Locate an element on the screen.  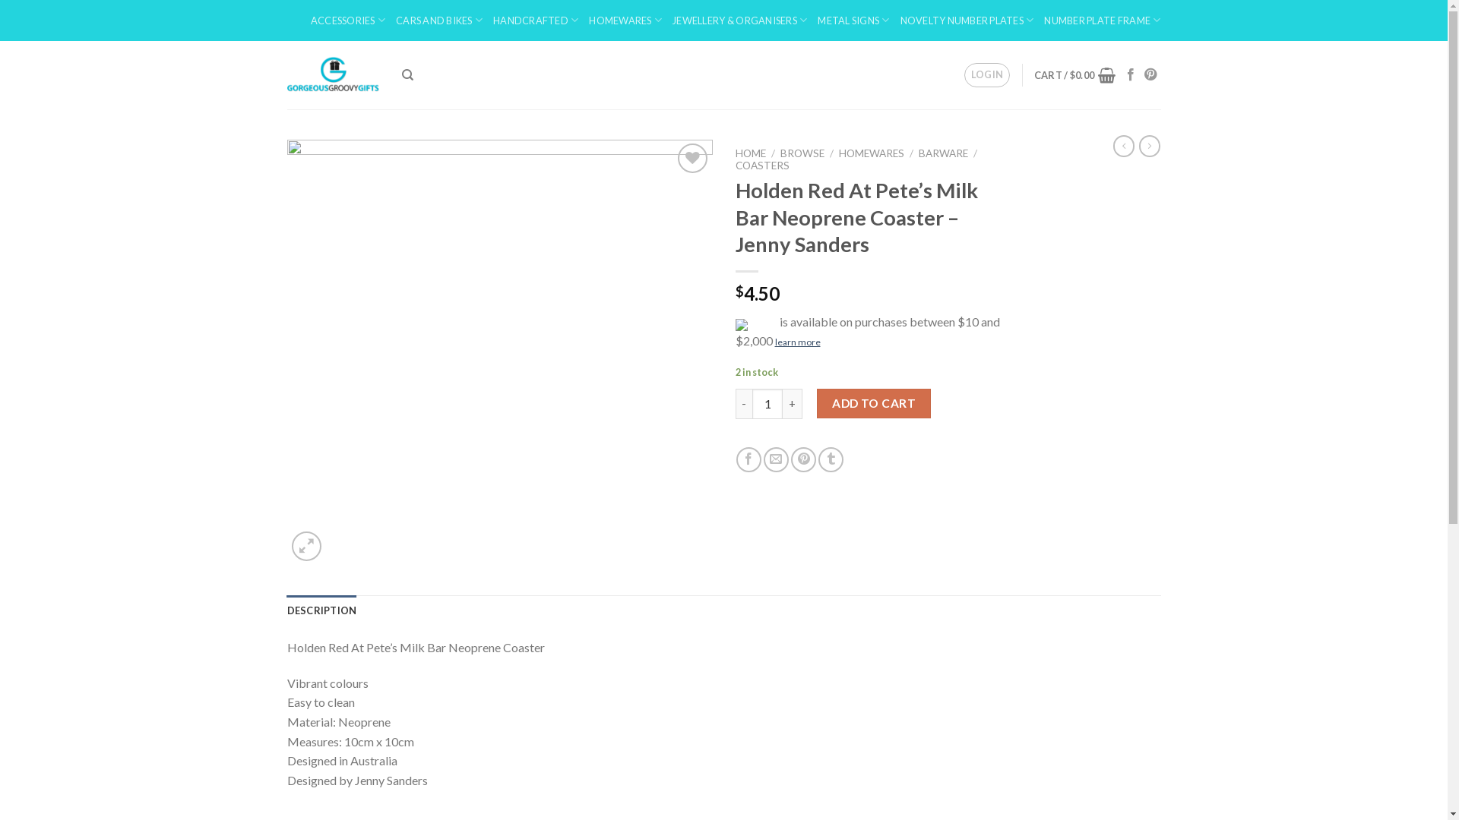
'Pin on Pinterest' is located at coordinates (802, 459).